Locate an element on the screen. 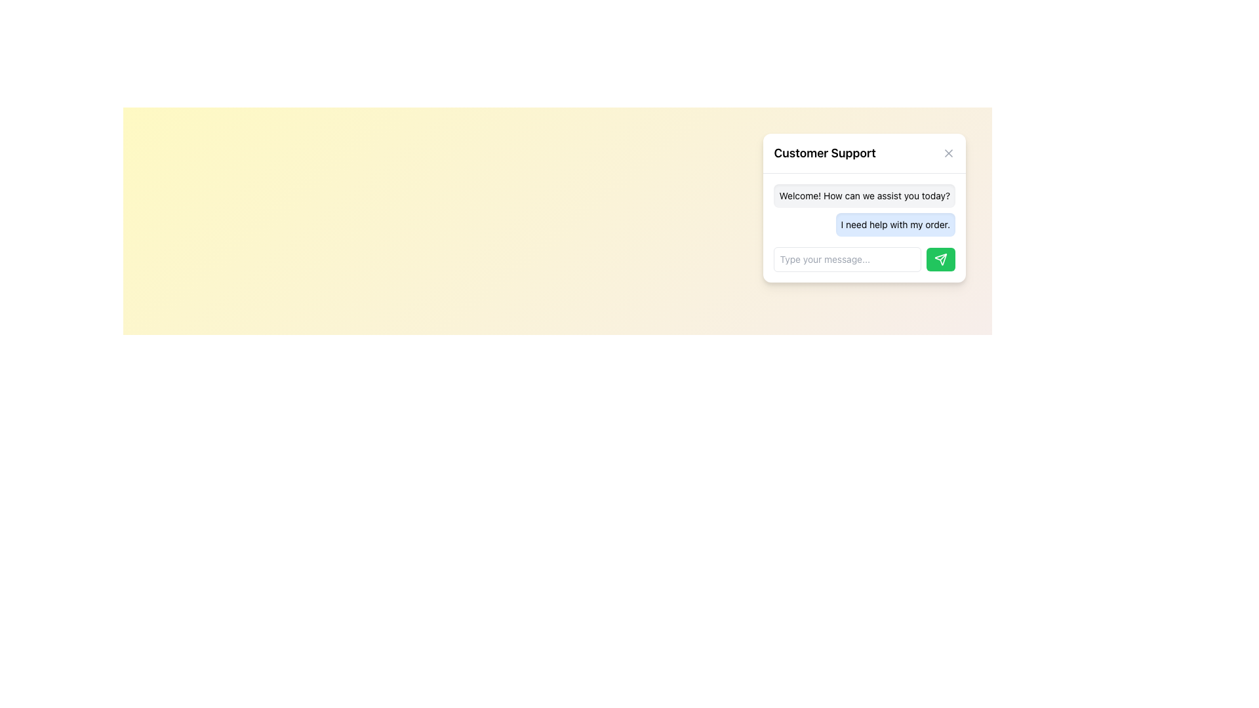 Image resolution: width=1259 pixels, height=708 pixels. the text message bubble located below the welcome message in the customer support chat interface is located at coordinates (894, 224).